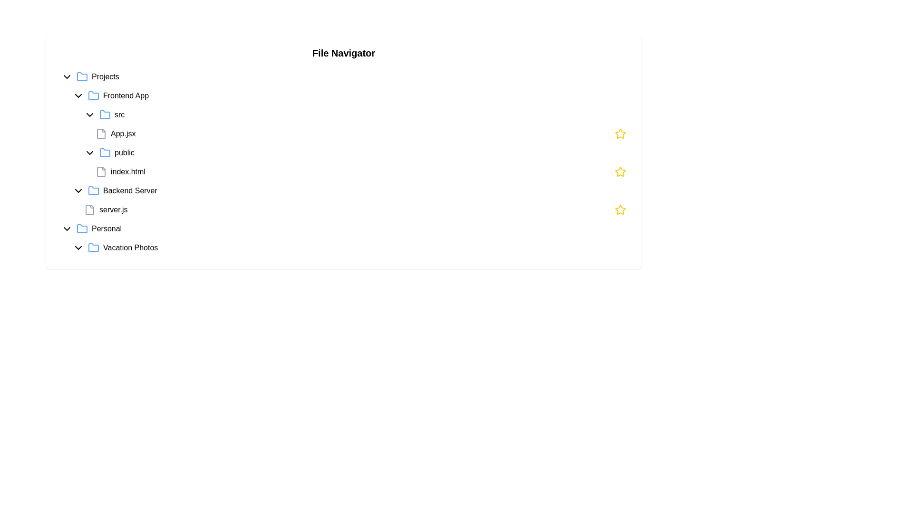 The height and width of the screenshot is (513, 913). Describe the element at coordinates (123, 133) in the screenshot. I see `the text label representing the file 'App.jsx' located in the 'src' folder of the file navigation sidebar` at that location.